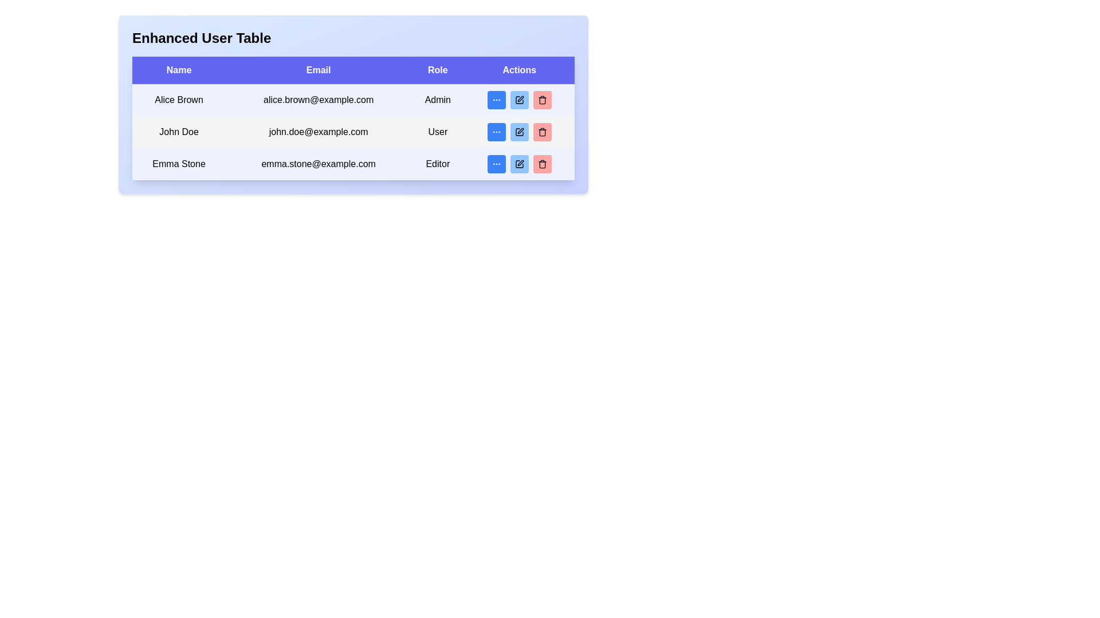  What do you see at coordinates (353, 132) in the screenshot?
I see `the second row of the user details table` at bounding box center [353, 132].